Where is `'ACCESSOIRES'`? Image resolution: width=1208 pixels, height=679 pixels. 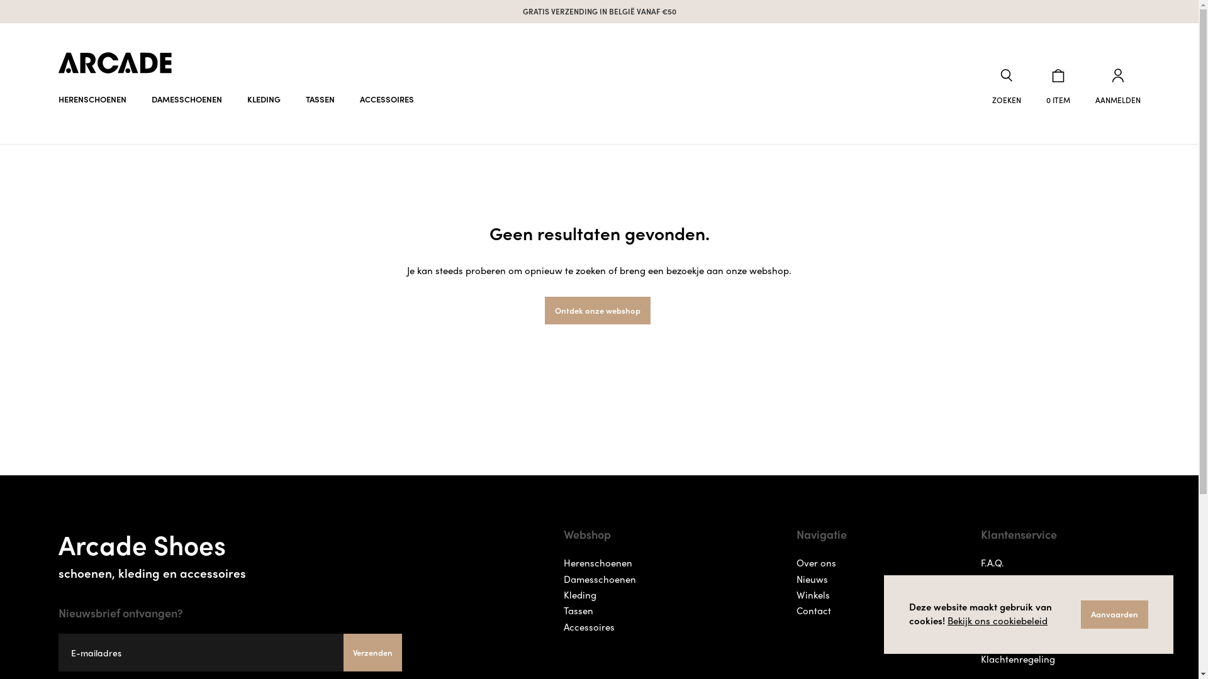
'ACCESSOIRES' is located at coordinates (347, 98).